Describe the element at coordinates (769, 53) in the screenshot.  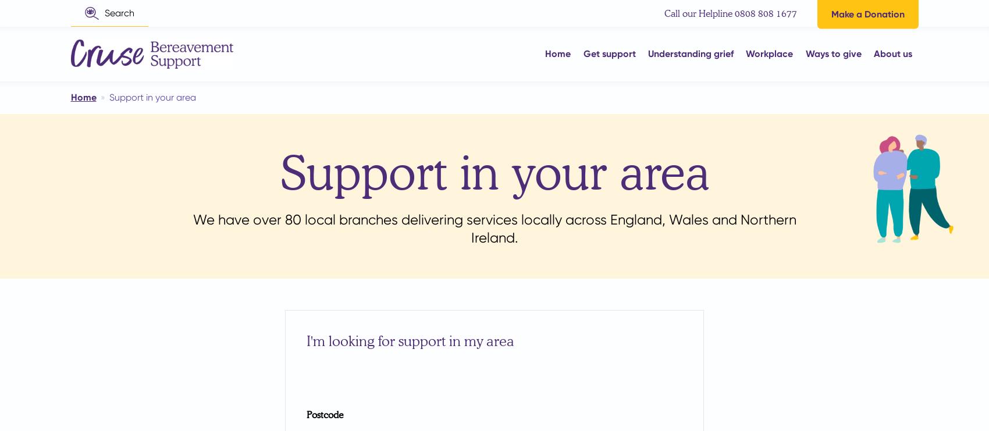
I see `'Workplace'` at that location.